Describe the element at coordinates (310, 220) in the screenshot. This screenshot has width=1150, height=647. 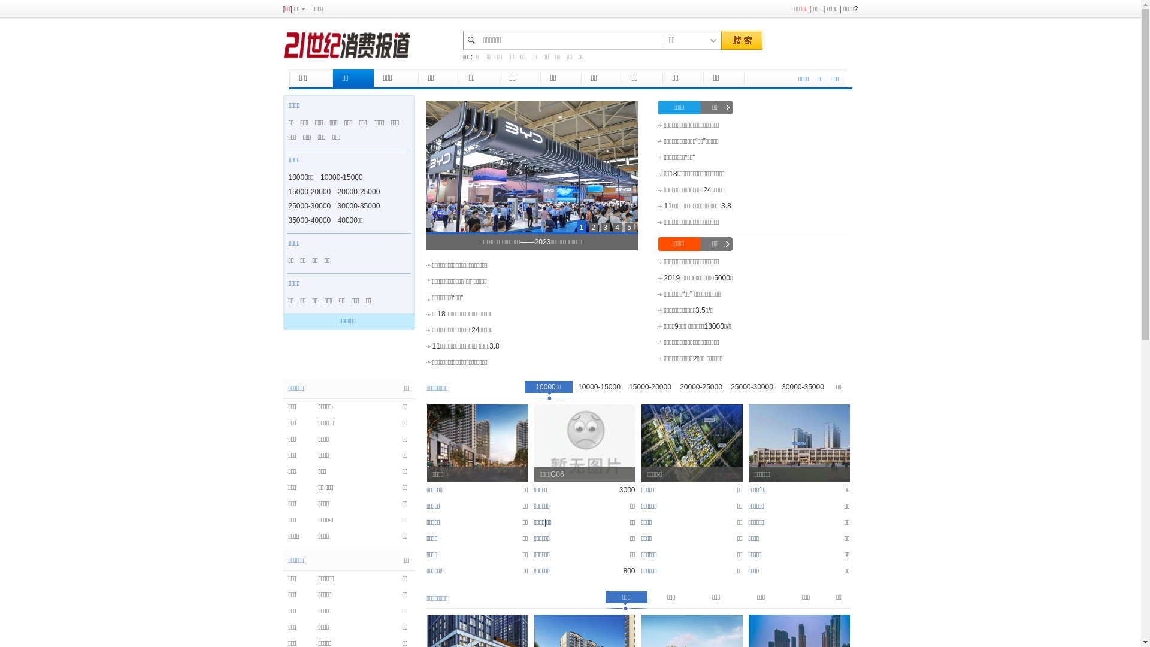
I see `'35000-40000'` at that location.